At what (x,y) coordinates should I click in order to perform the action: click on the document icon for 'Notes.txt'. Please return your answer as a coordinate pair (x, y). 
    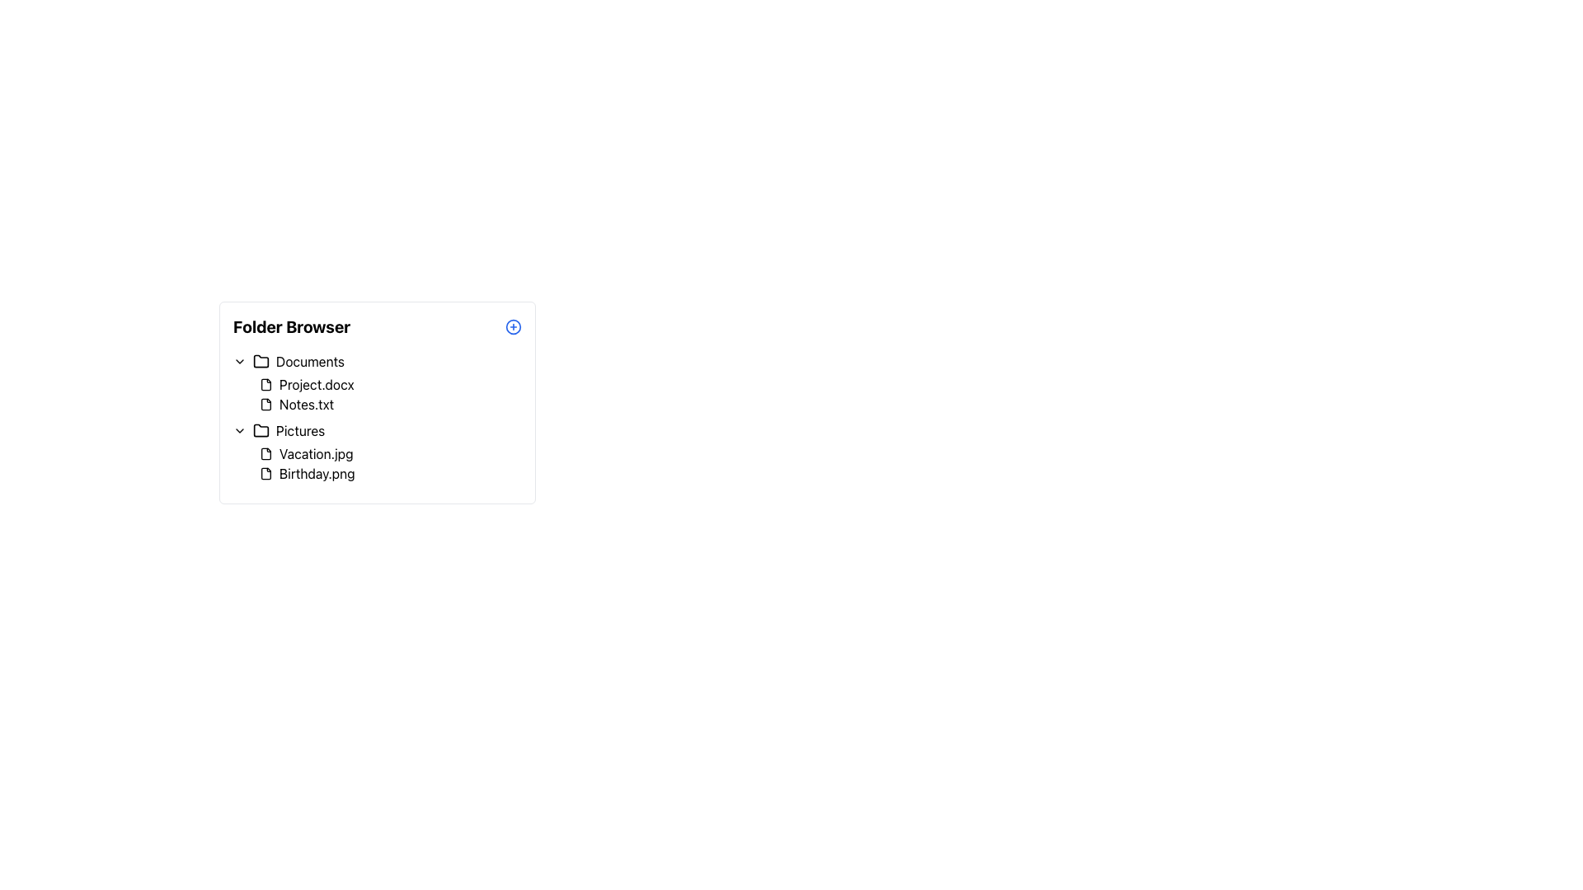
    Looking at the image, I should click on (265, 404).